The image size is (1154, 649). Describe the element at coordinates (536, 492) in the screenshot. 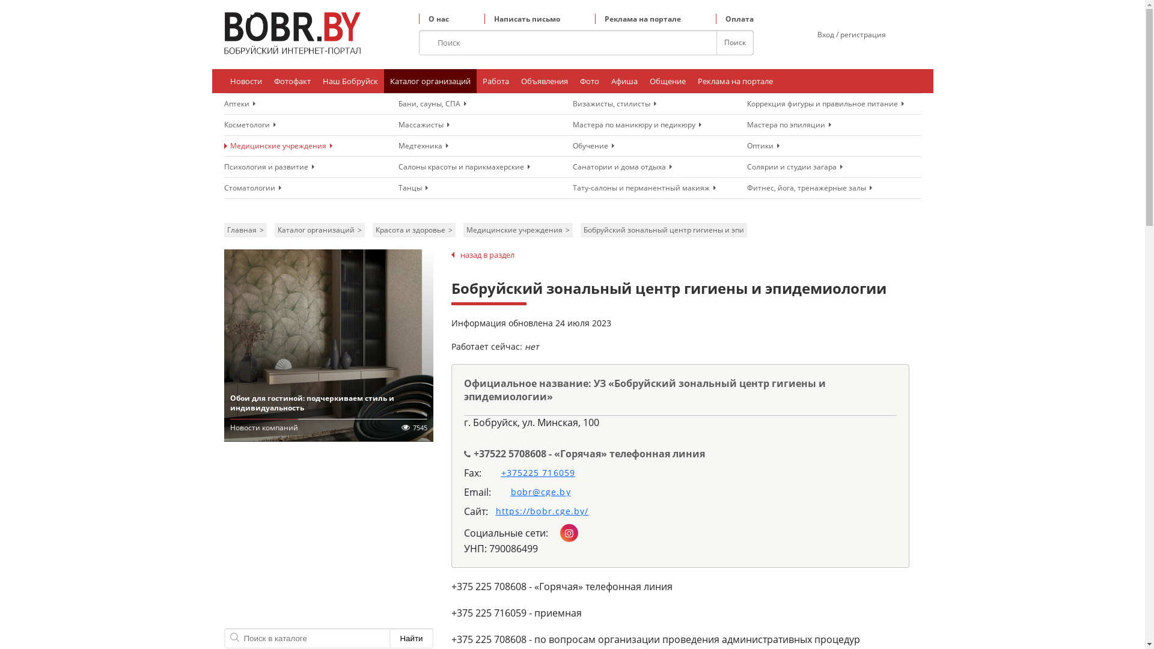

I see `'bobr@cge.by'` at that location.